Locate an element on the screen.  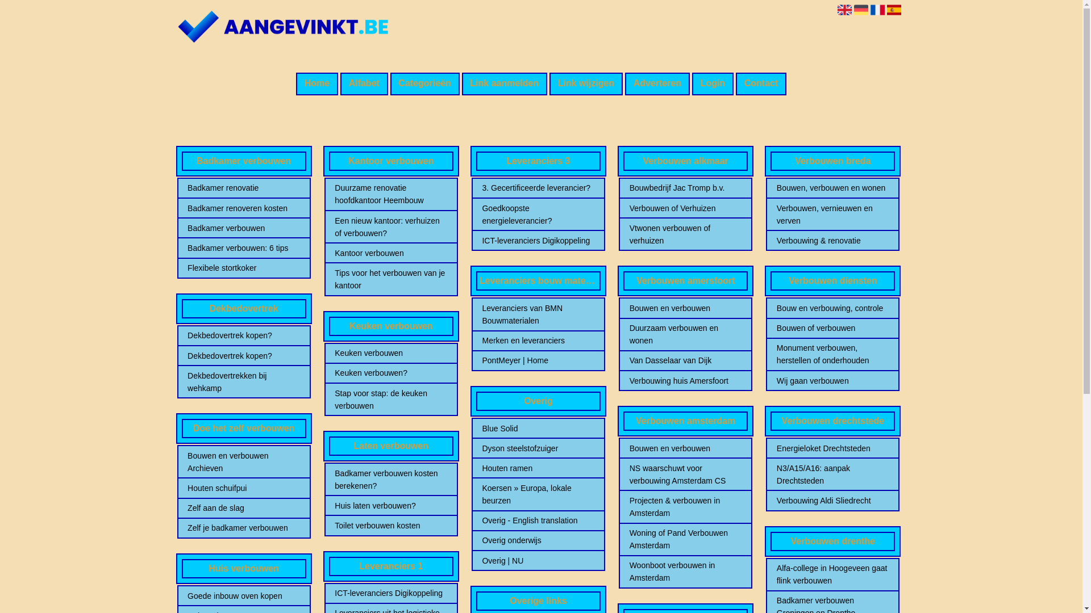
'Merken en leveranciers' is located at coordinates (537, 340).